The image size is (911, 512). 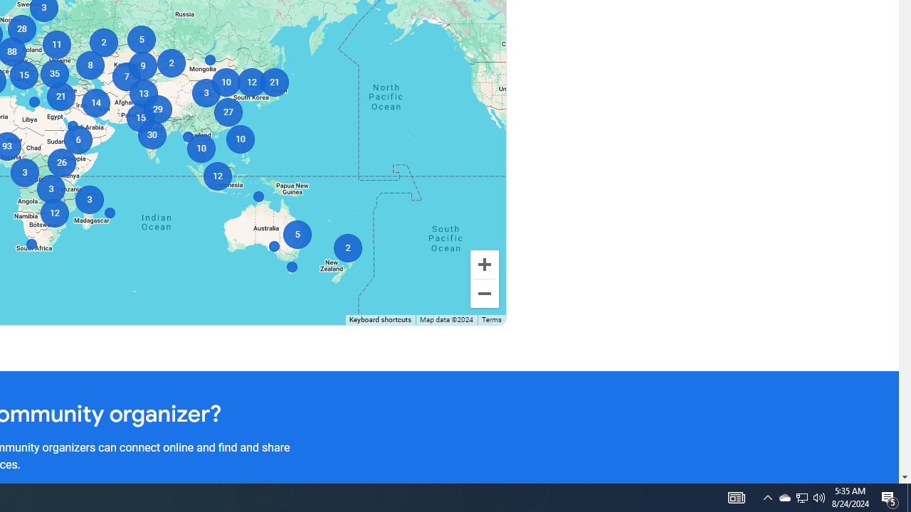 What do you see at coordinates (274, 82) in the screenshot?
I see `'21'` at bounding box center [274, 82].